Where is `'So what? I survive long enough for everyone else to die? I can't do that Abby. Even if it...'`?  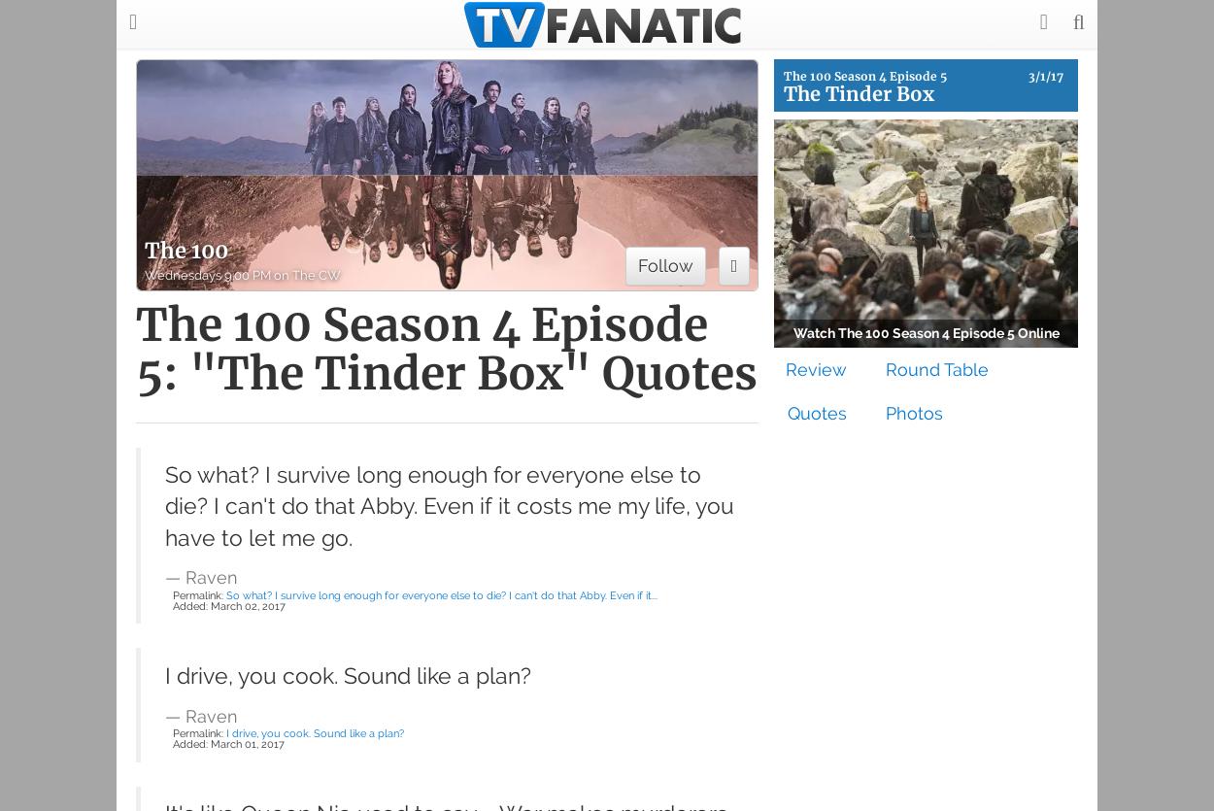 'So what? I survive long enough for everyone else to die? I can't do that Abby. Even if it...' is located at coordinates (225, 593).